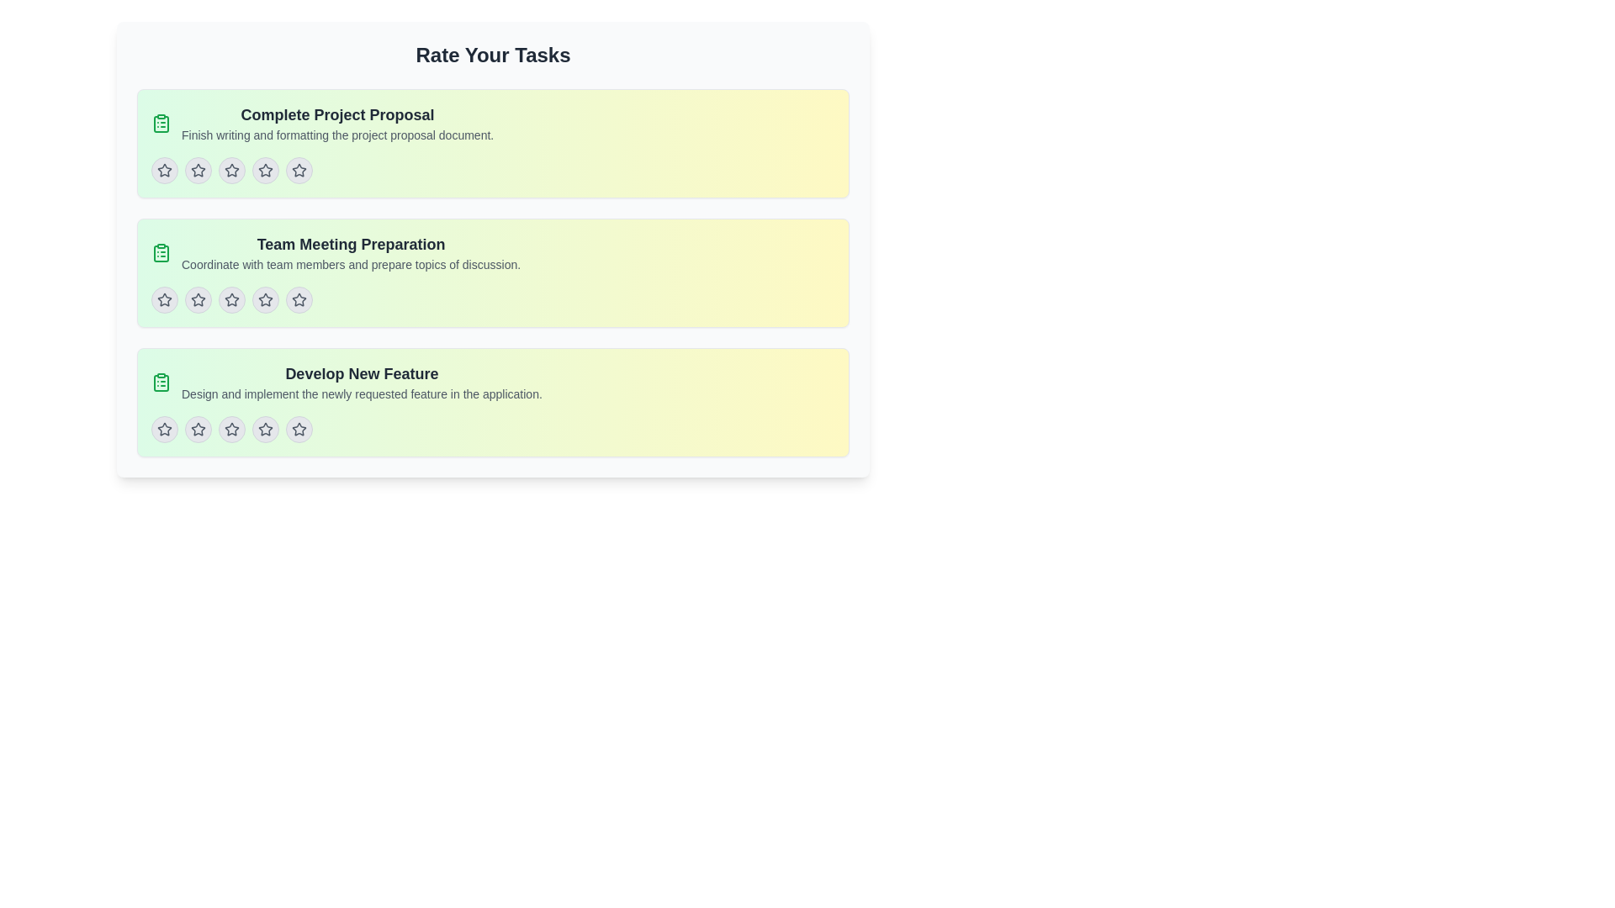 The width and height of the screenshot is (1615, 908). What do you see at coordinates (165, 171) in the screenshot?
I see `the first star-shaped rating icon in the row of five` at bounding box center [165, 171].